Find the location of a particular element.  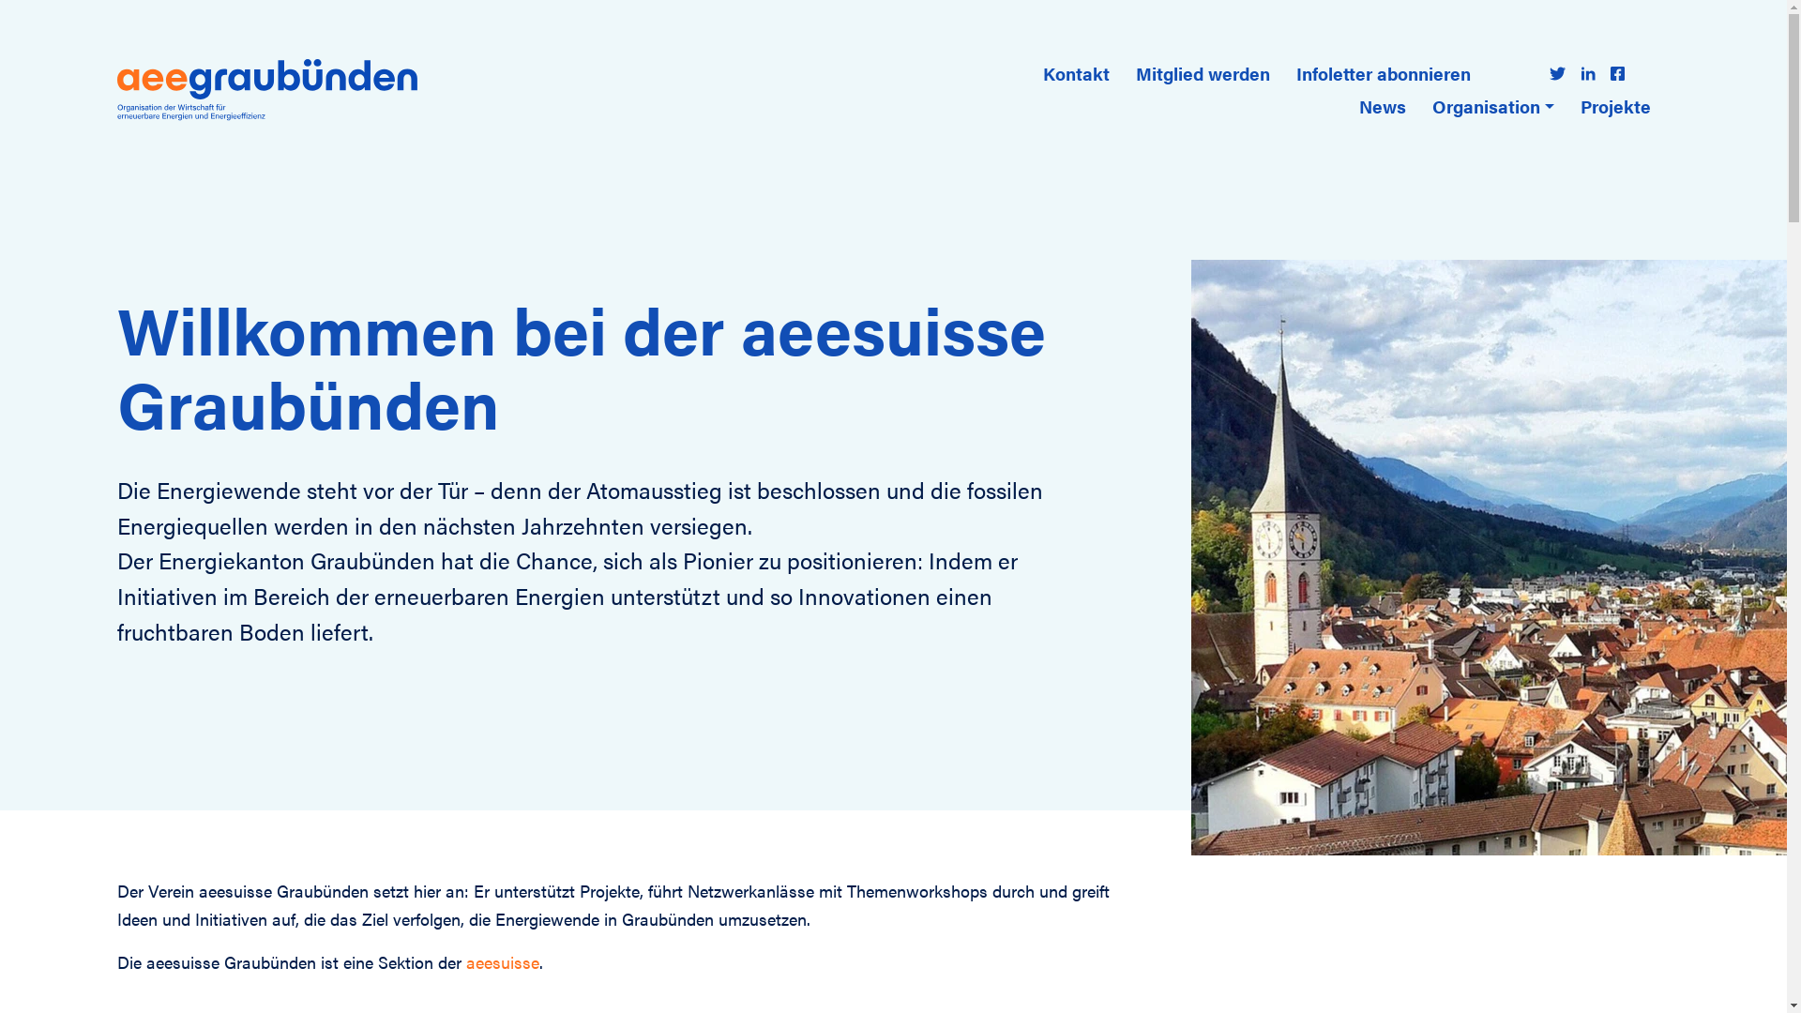

'Projekte' is located at coordinates (1614, 106).